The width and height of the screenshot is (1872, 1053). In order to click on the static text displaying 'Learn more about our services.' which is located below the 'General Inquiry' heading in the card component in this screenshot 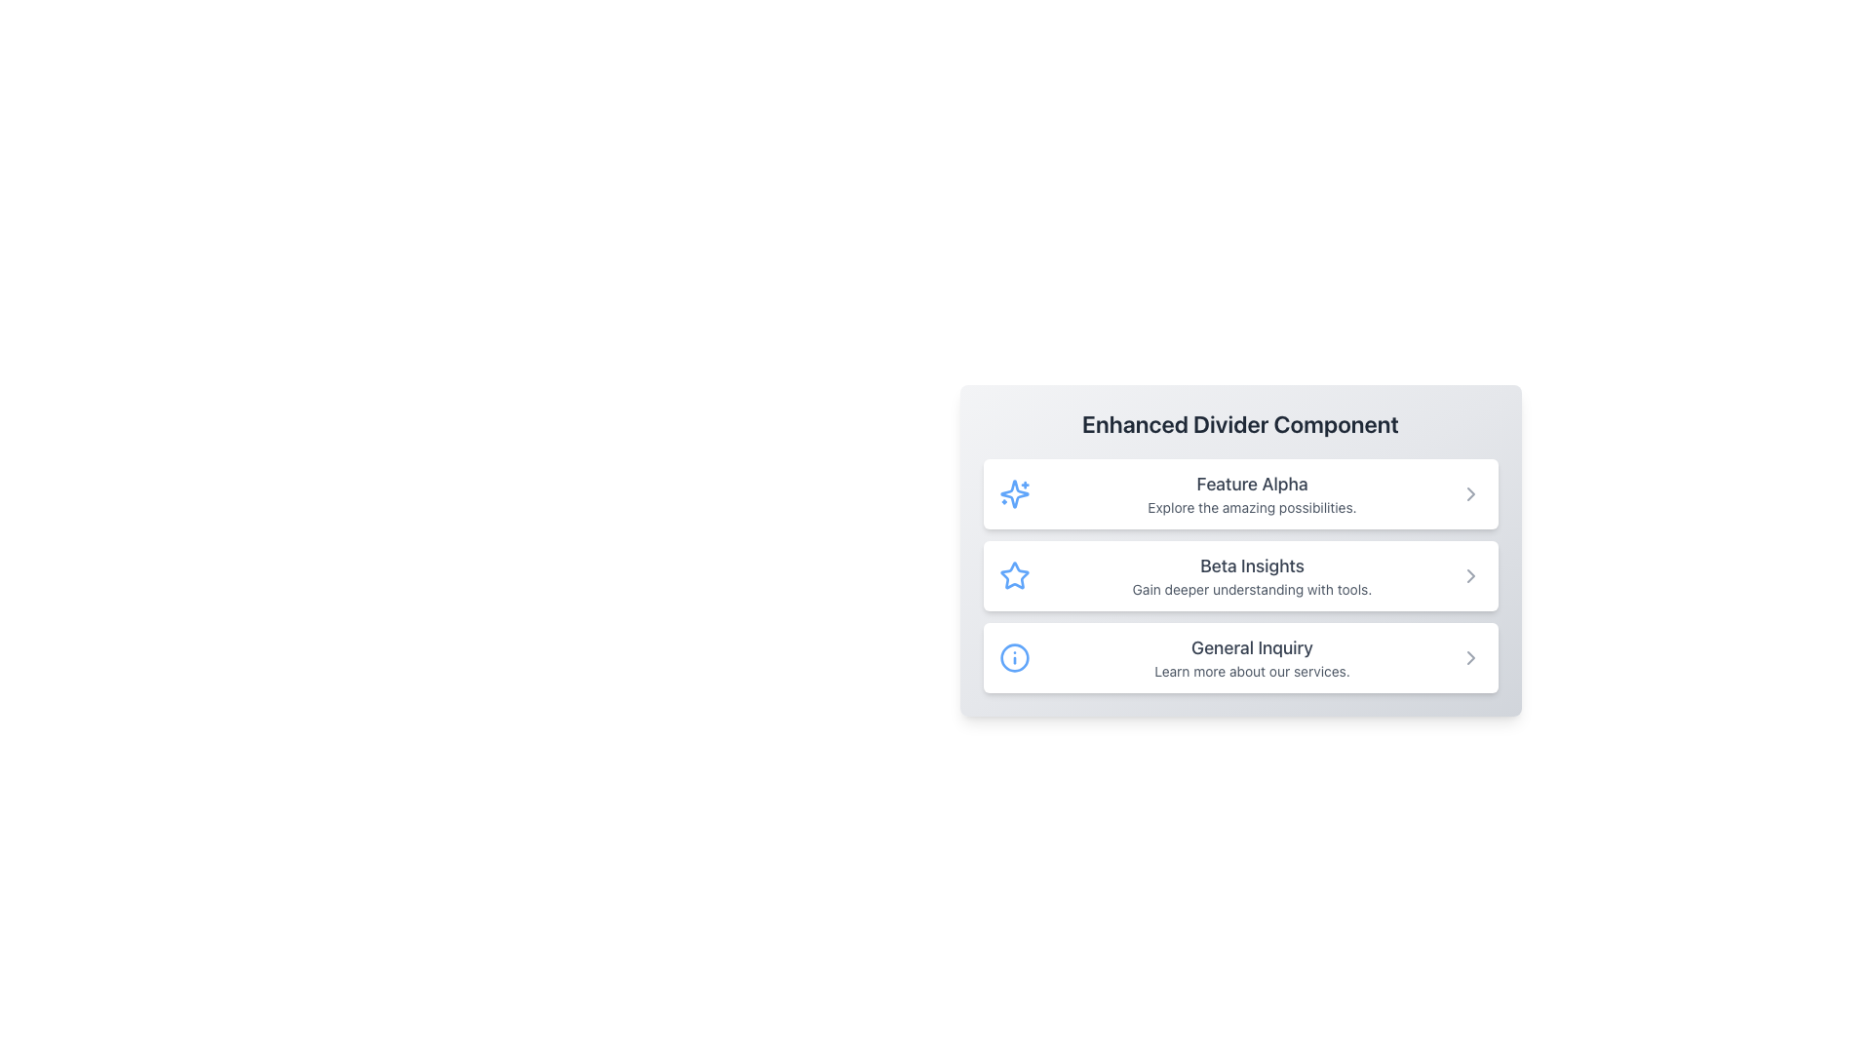, I will do `click(1252, 671)`.